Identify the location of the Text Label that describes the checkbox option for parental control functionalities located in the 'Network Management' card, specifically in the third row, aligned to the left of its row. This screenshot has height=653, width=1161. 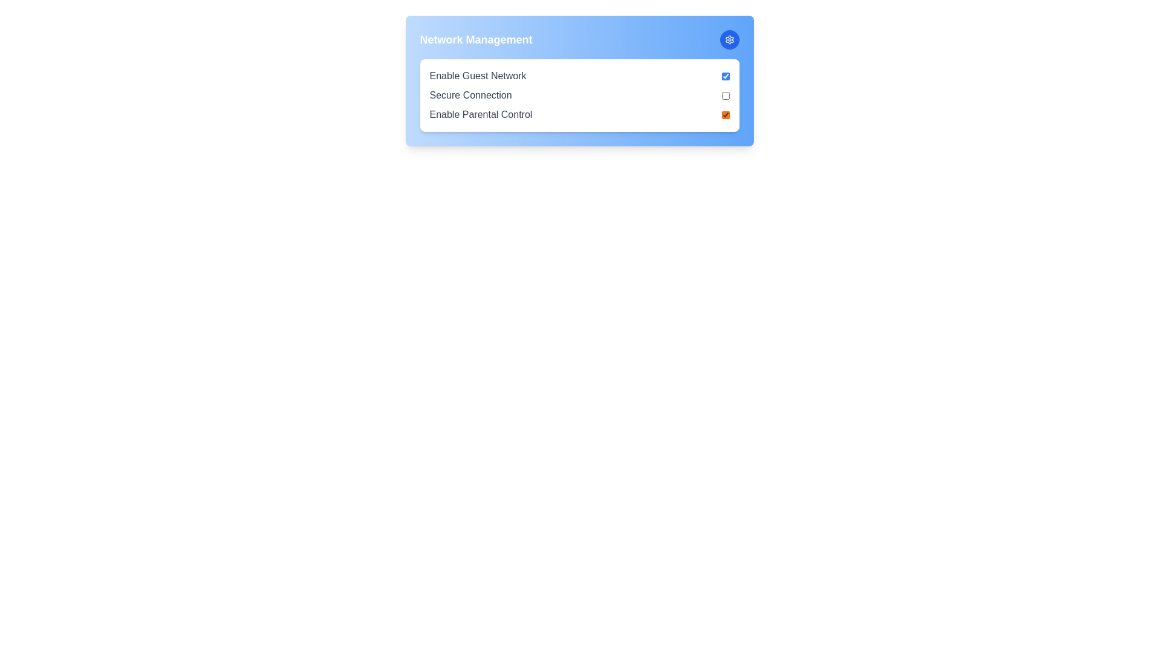
(480, 114).